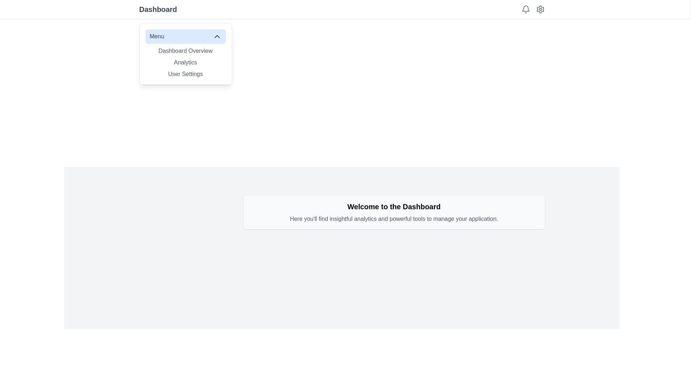 The width and height of the screenshot is (695, 391). Describe the element at coordinates (185, 54) in the screenshot. I see `the 'Dashboard Overview' item in the dropdown menu, which has a white background and a blue-highlighted header labeled 'Menu'` at that location.